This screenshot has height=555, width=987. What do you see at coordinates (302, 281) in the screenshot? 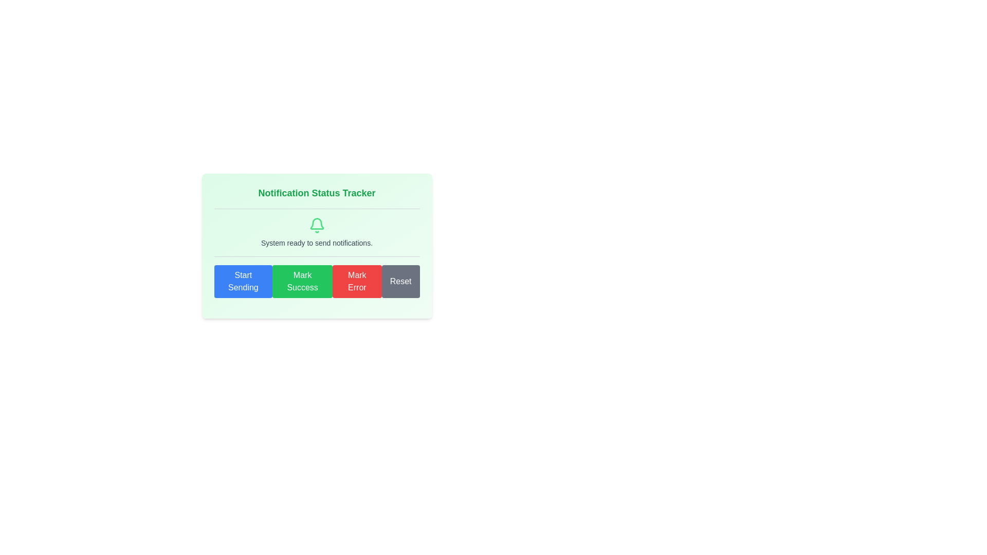
I see `the successful status button, which is the second button in a row of four` at bounding box center [302, 281].